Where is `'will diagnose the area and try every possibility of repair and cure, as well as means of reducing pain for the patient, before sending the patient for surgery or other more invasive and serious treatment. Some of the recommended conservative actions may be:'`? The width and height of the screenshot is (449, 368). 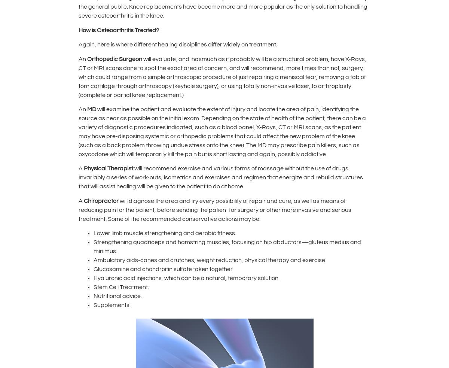 'will diagnose the area and try every possibility of repair and cure, as well as means of reducing pain for the patient, before sending the patient for surgery or other more invasive and serious treatment. Some of the recommended conservative actions may be:' is located at coordinates (214, 210).